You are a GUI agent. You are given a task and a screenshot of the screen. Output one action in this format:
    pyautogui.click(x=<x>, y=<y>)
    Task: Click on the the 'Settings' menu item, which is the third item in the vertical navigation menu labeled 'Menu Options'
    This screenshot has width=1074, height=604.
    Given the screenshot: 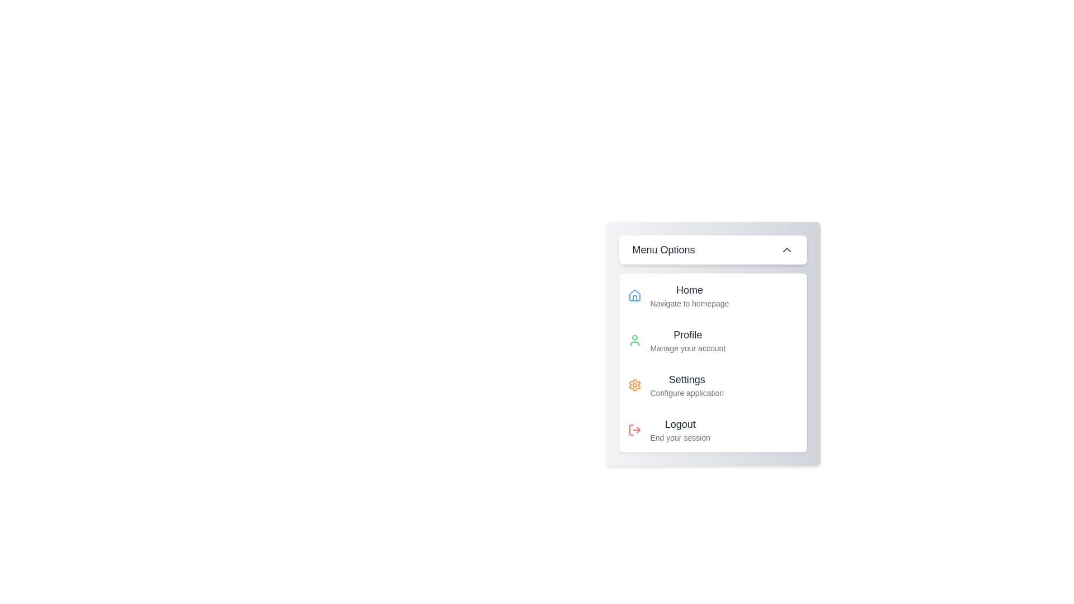 What is the action you would take?
    pyautogui.click(x=686, y=385)
    